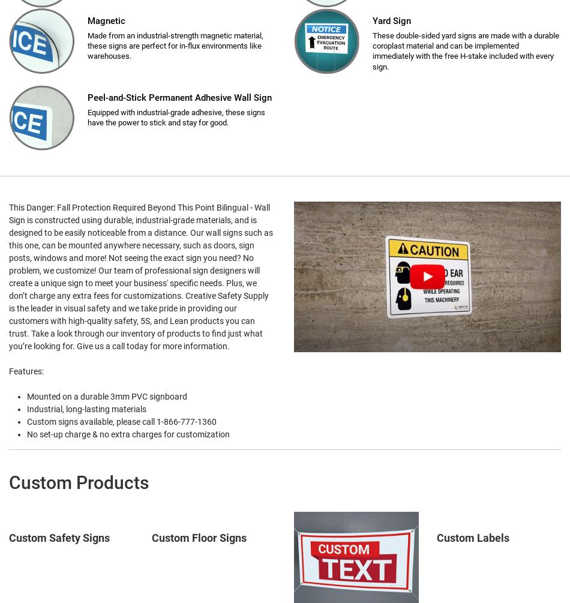  What do you see at coordinates (472, 537) in the screenshot?
I see `'Custom Labels'` at bounding box center [472, 537].